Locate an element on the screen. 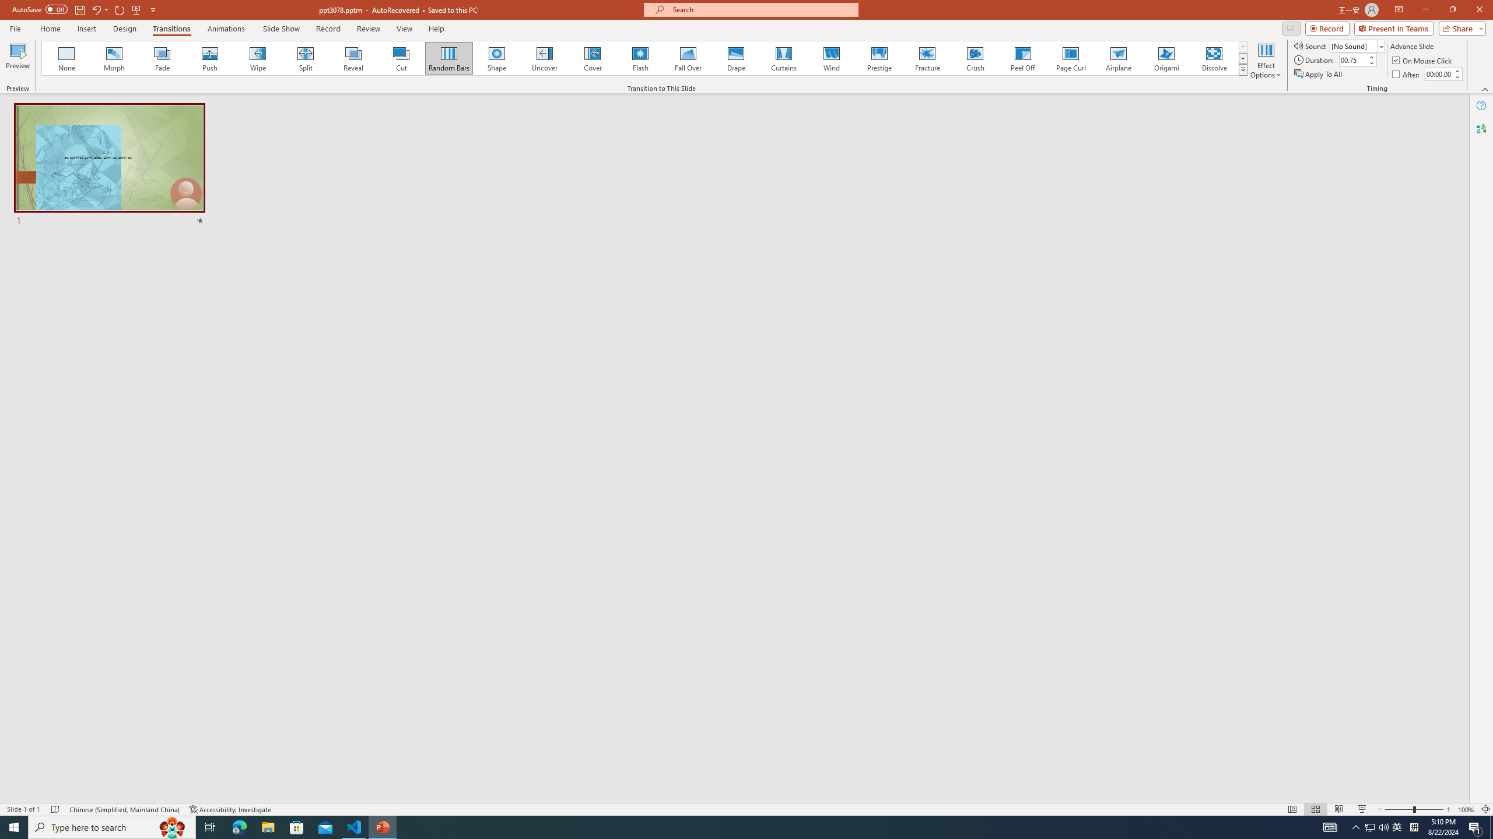 The width and height of the screenshot is (1493, 839). 'Sound' is located at coordinates (1357, 45).